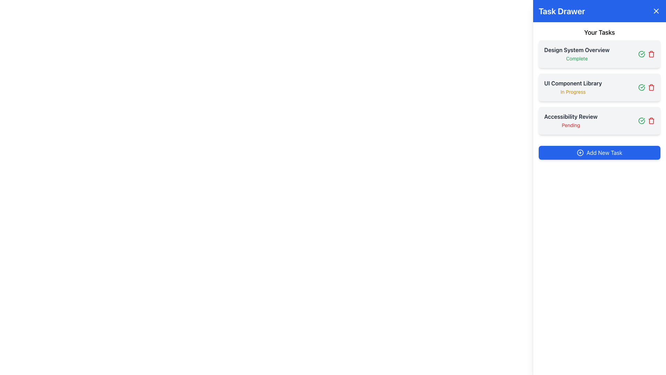  I want to click on the small blue button with a white 'X' mark located on the top-right section of the 'Task Drawer' header, so click(656, 11).